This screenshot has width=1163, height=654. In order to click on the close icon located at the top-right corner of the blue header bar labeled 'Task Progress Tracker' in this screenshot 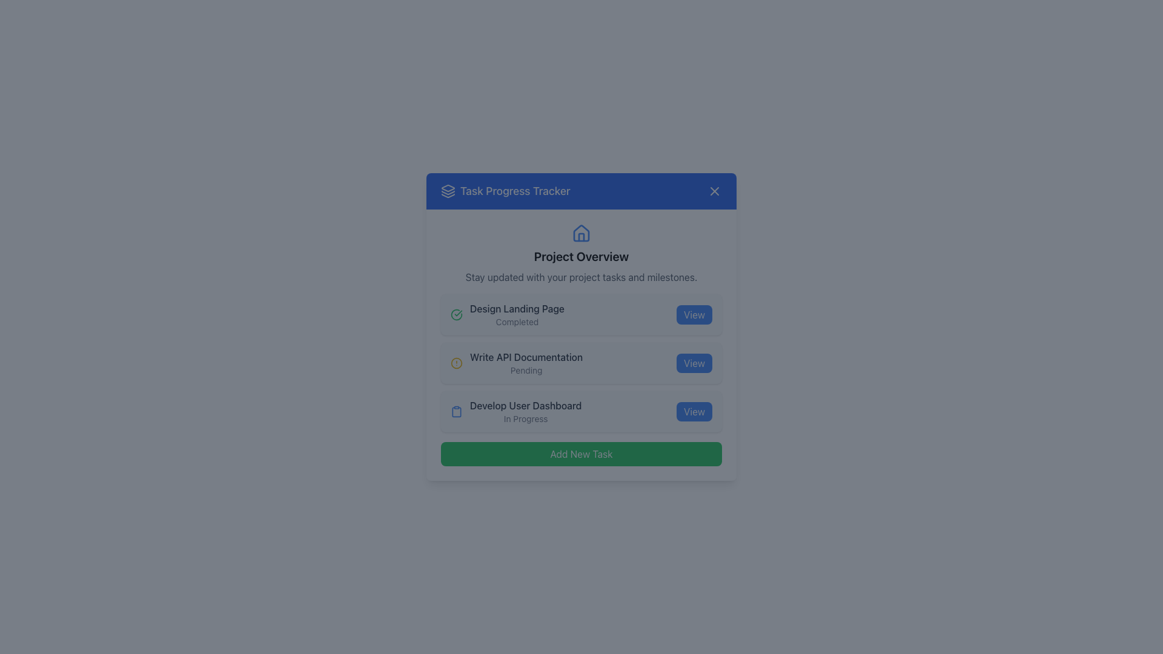, I will do `click(715, 191)`.